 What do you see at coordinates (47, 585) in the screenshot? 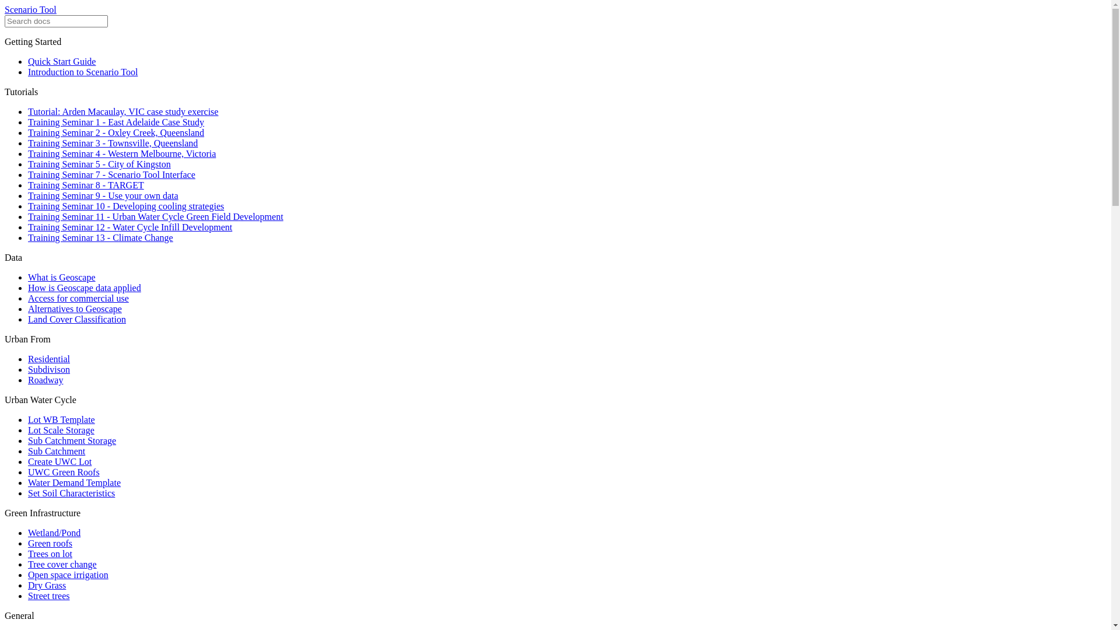
I see `'Dry Grass'` at bounding box center [47, 585].